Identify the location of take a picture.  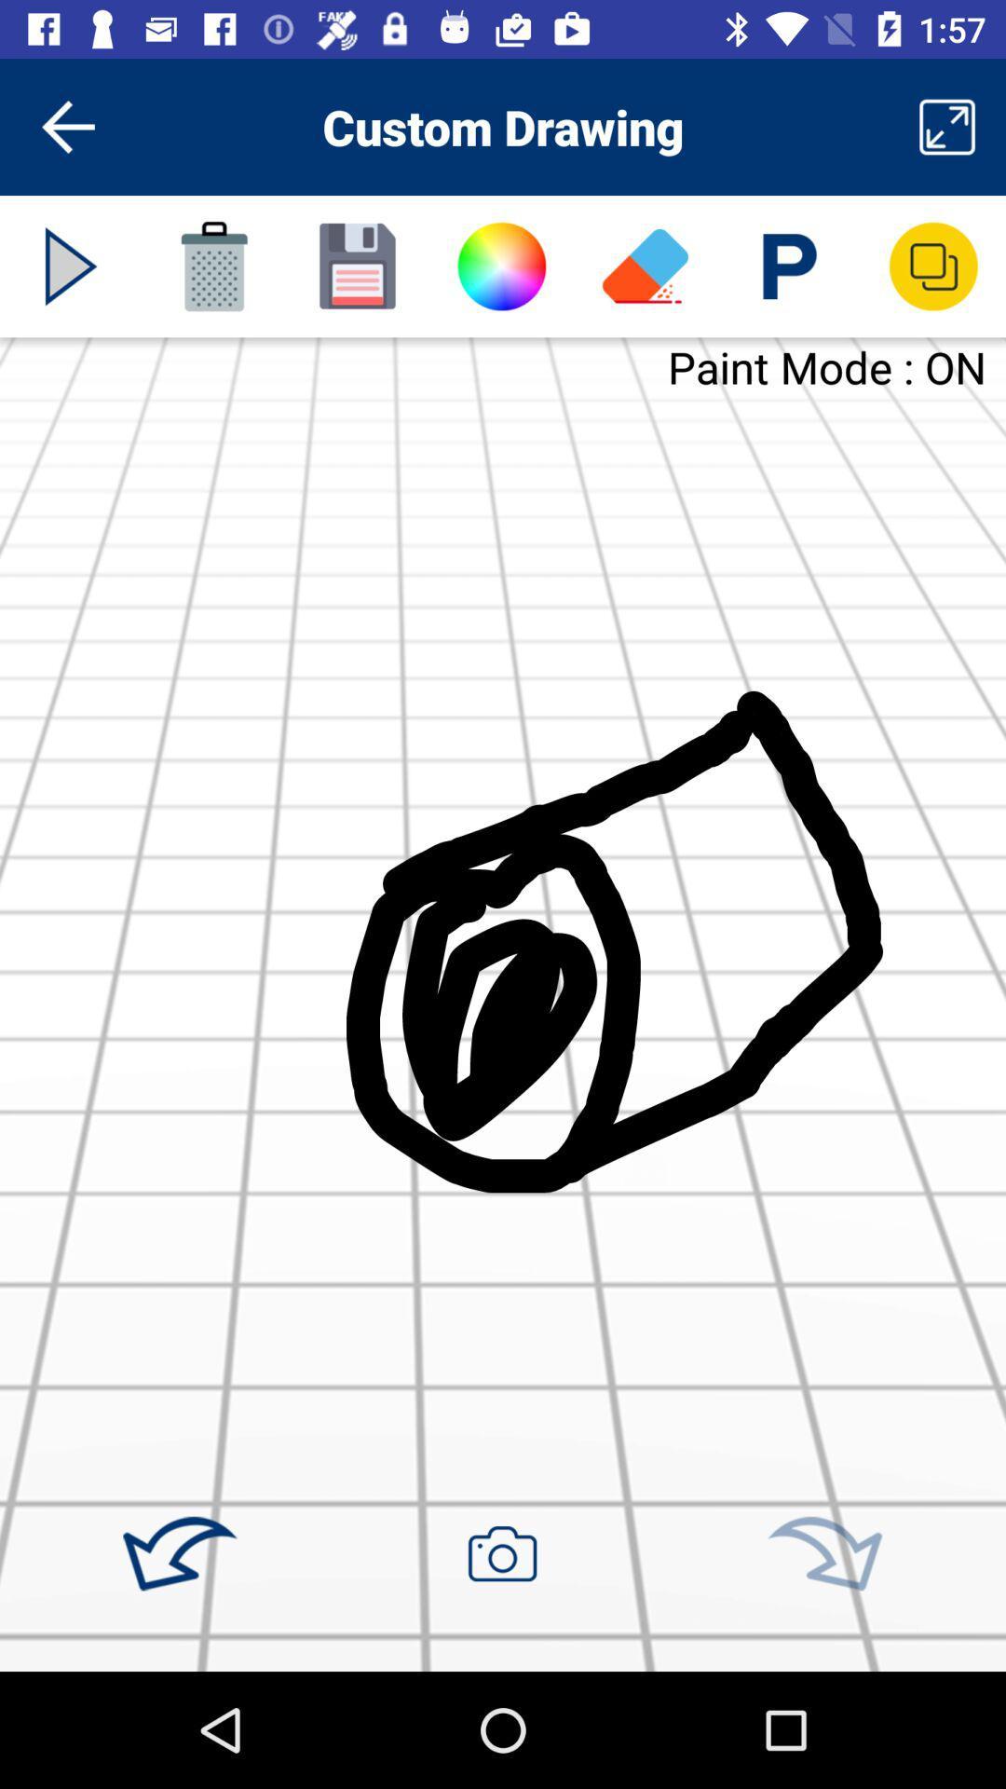
(501, 1553).